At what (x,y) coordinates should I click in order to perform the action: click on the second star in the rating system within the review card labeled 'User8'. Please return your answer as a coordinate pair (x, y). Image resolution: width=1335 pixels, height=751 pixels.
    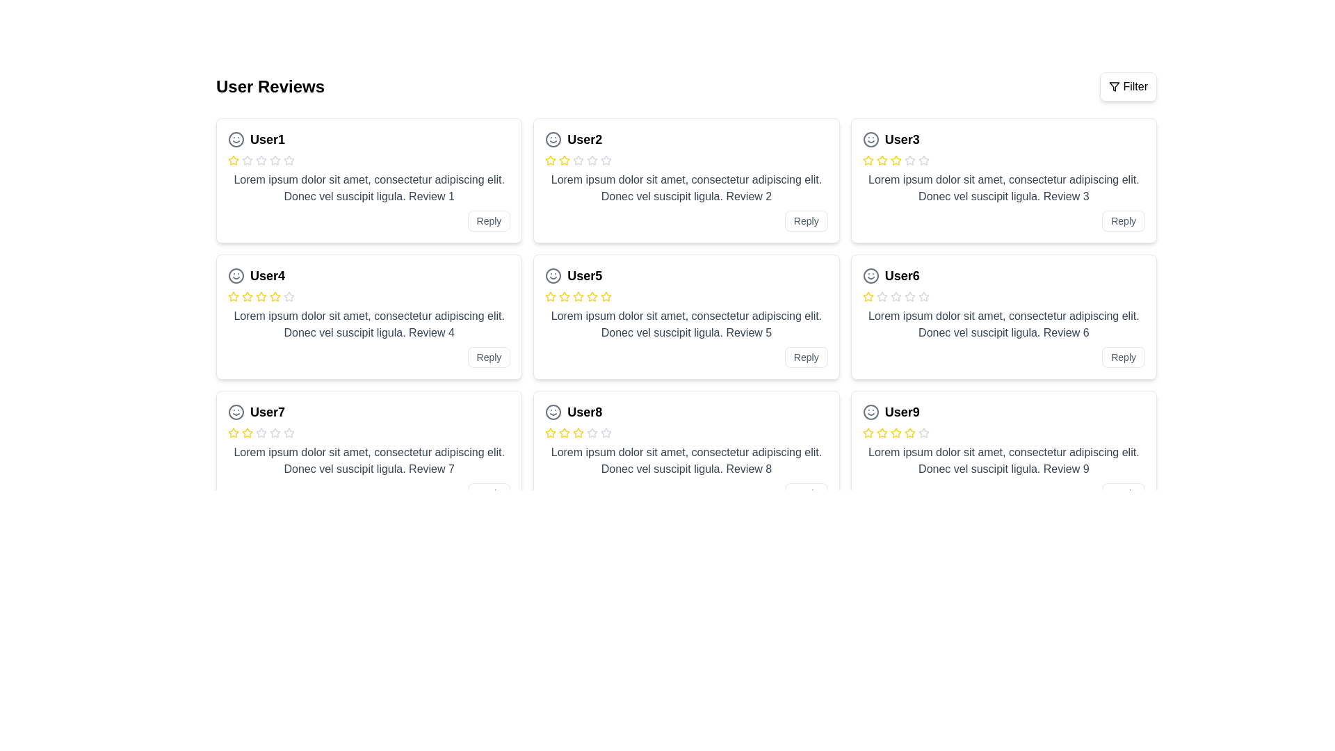
    Looking at the image, I should click on (565, 432).